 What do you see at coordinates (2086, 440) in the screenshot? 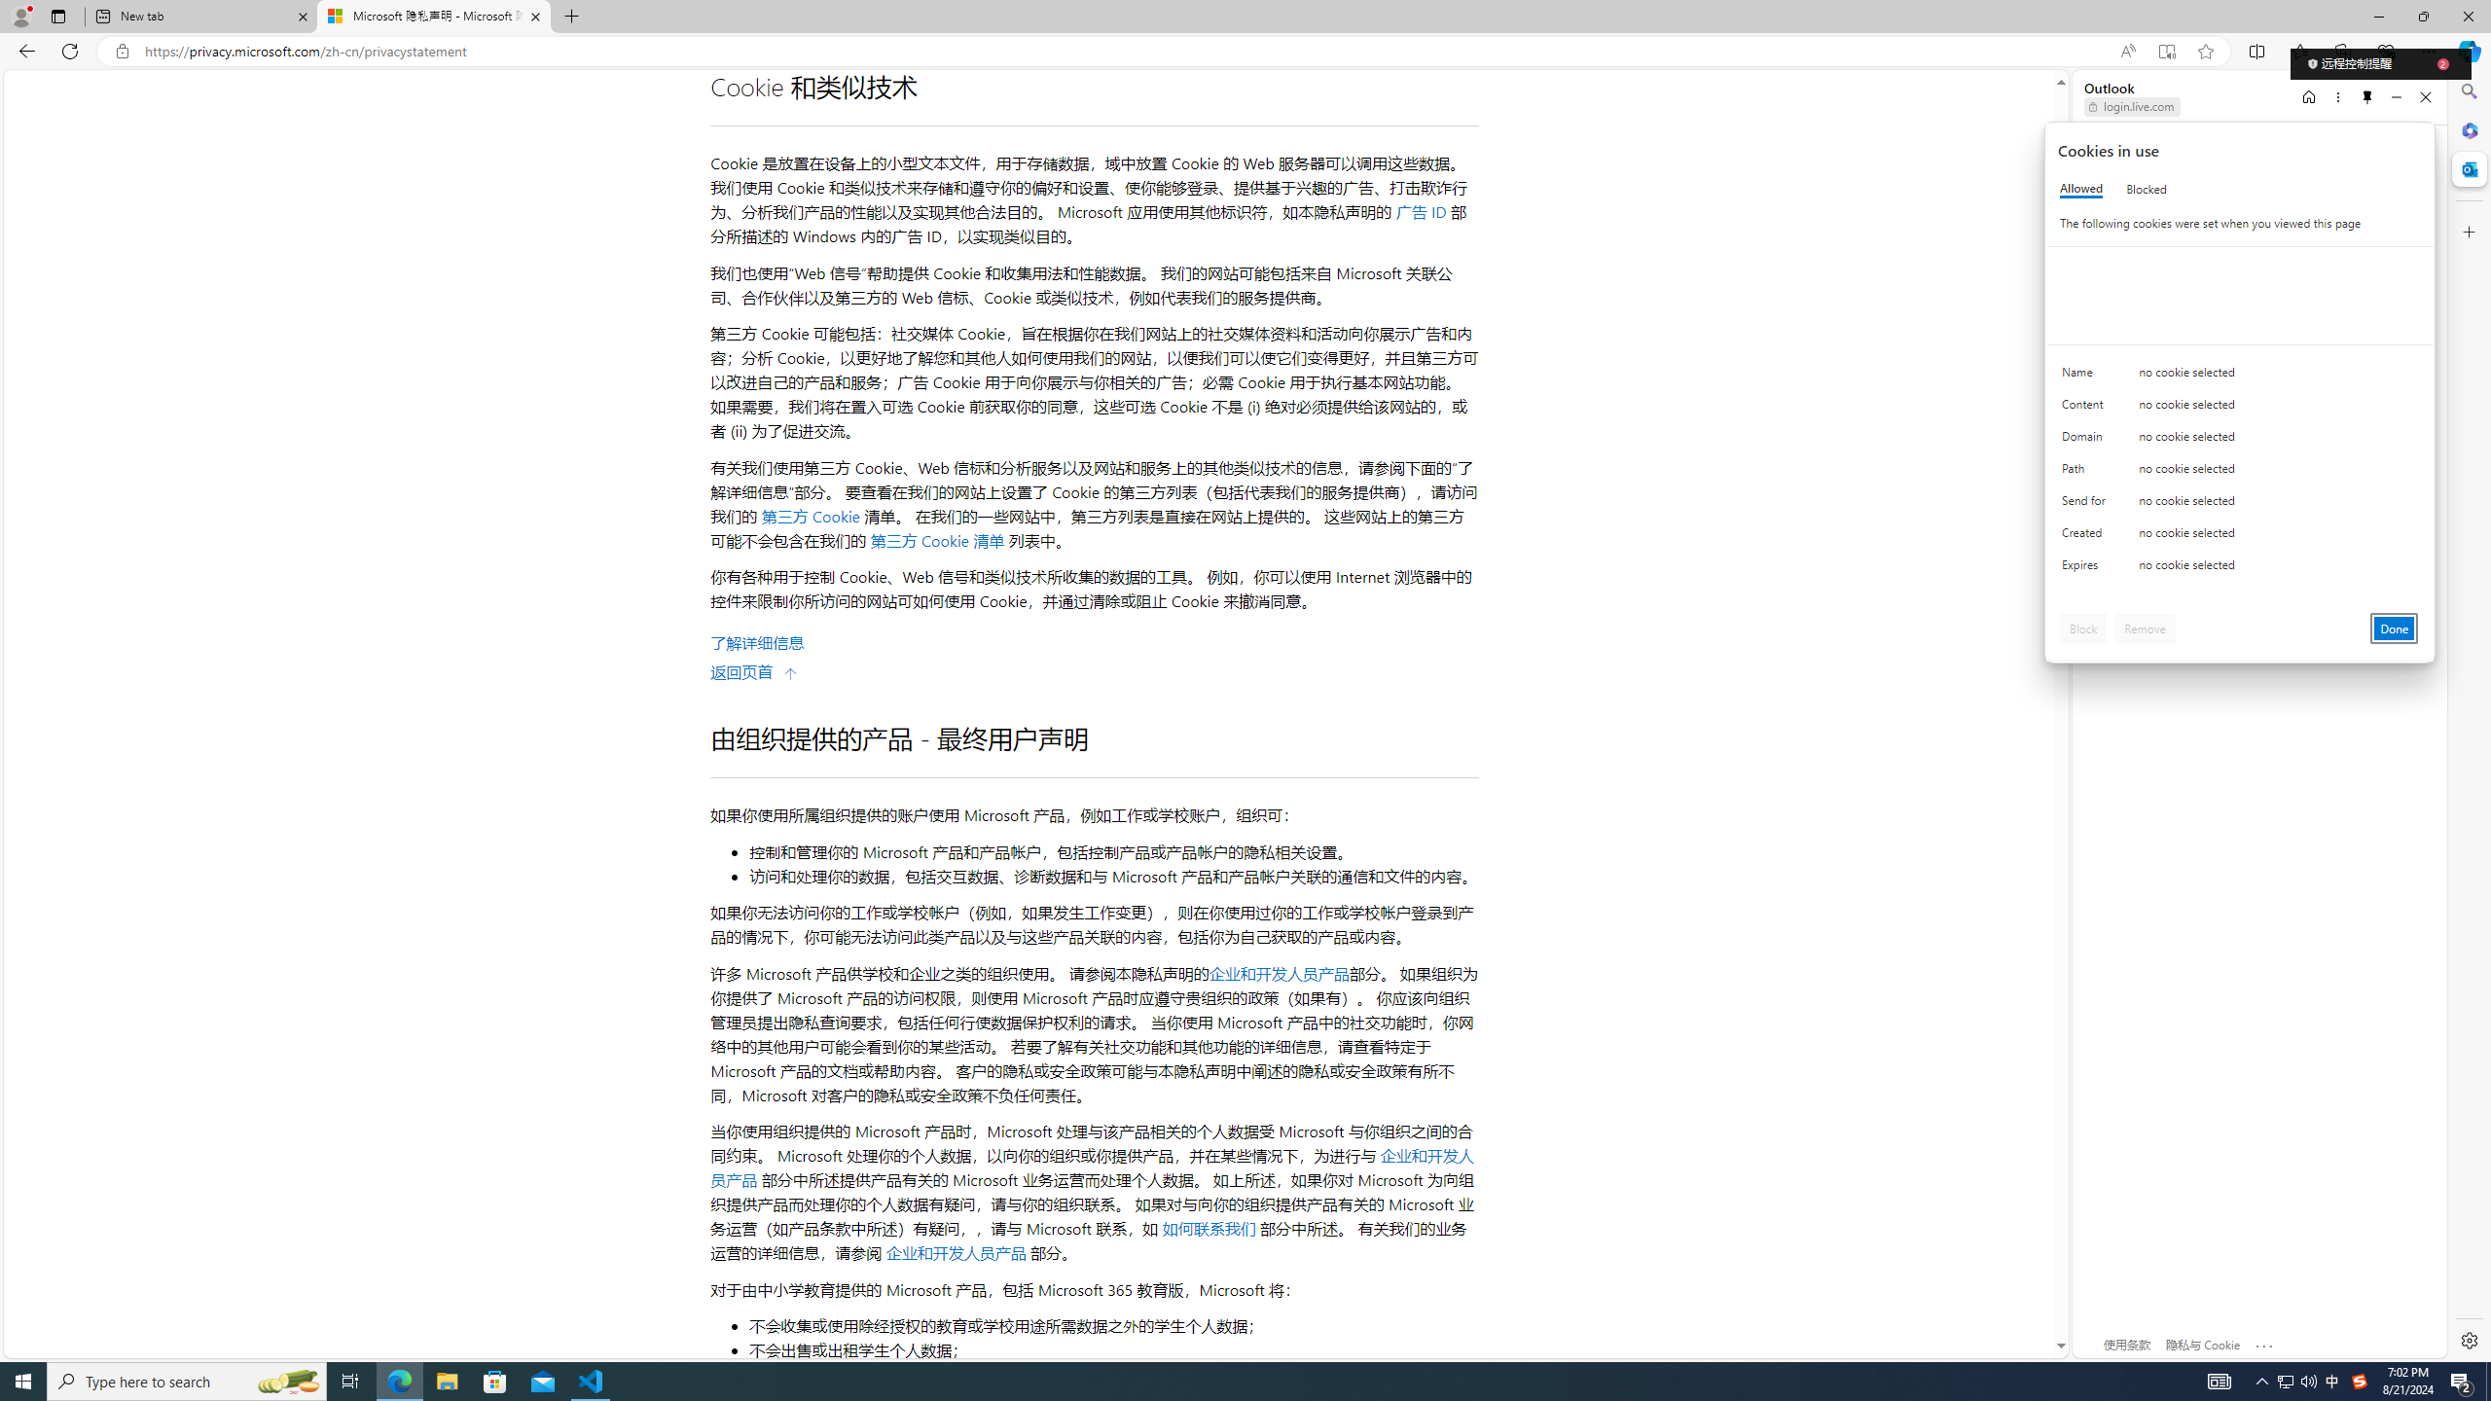
I see `'Domain'` at bounding box center [2086, 440].